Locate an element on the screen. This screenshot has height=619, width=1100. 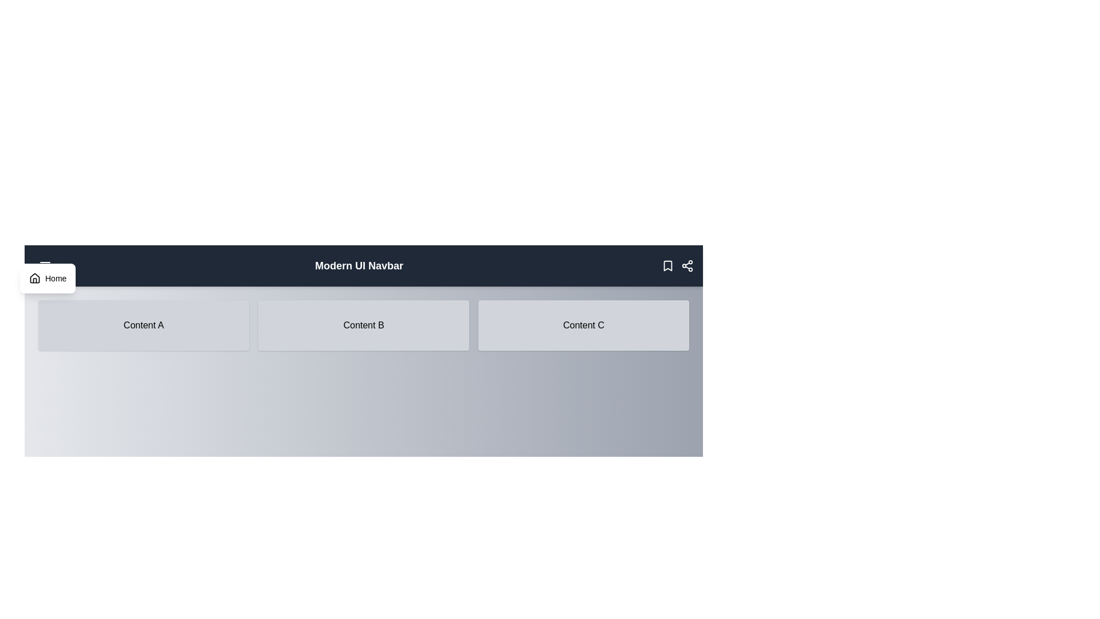
the 'Content B' box is located at coordinates (363, 325).